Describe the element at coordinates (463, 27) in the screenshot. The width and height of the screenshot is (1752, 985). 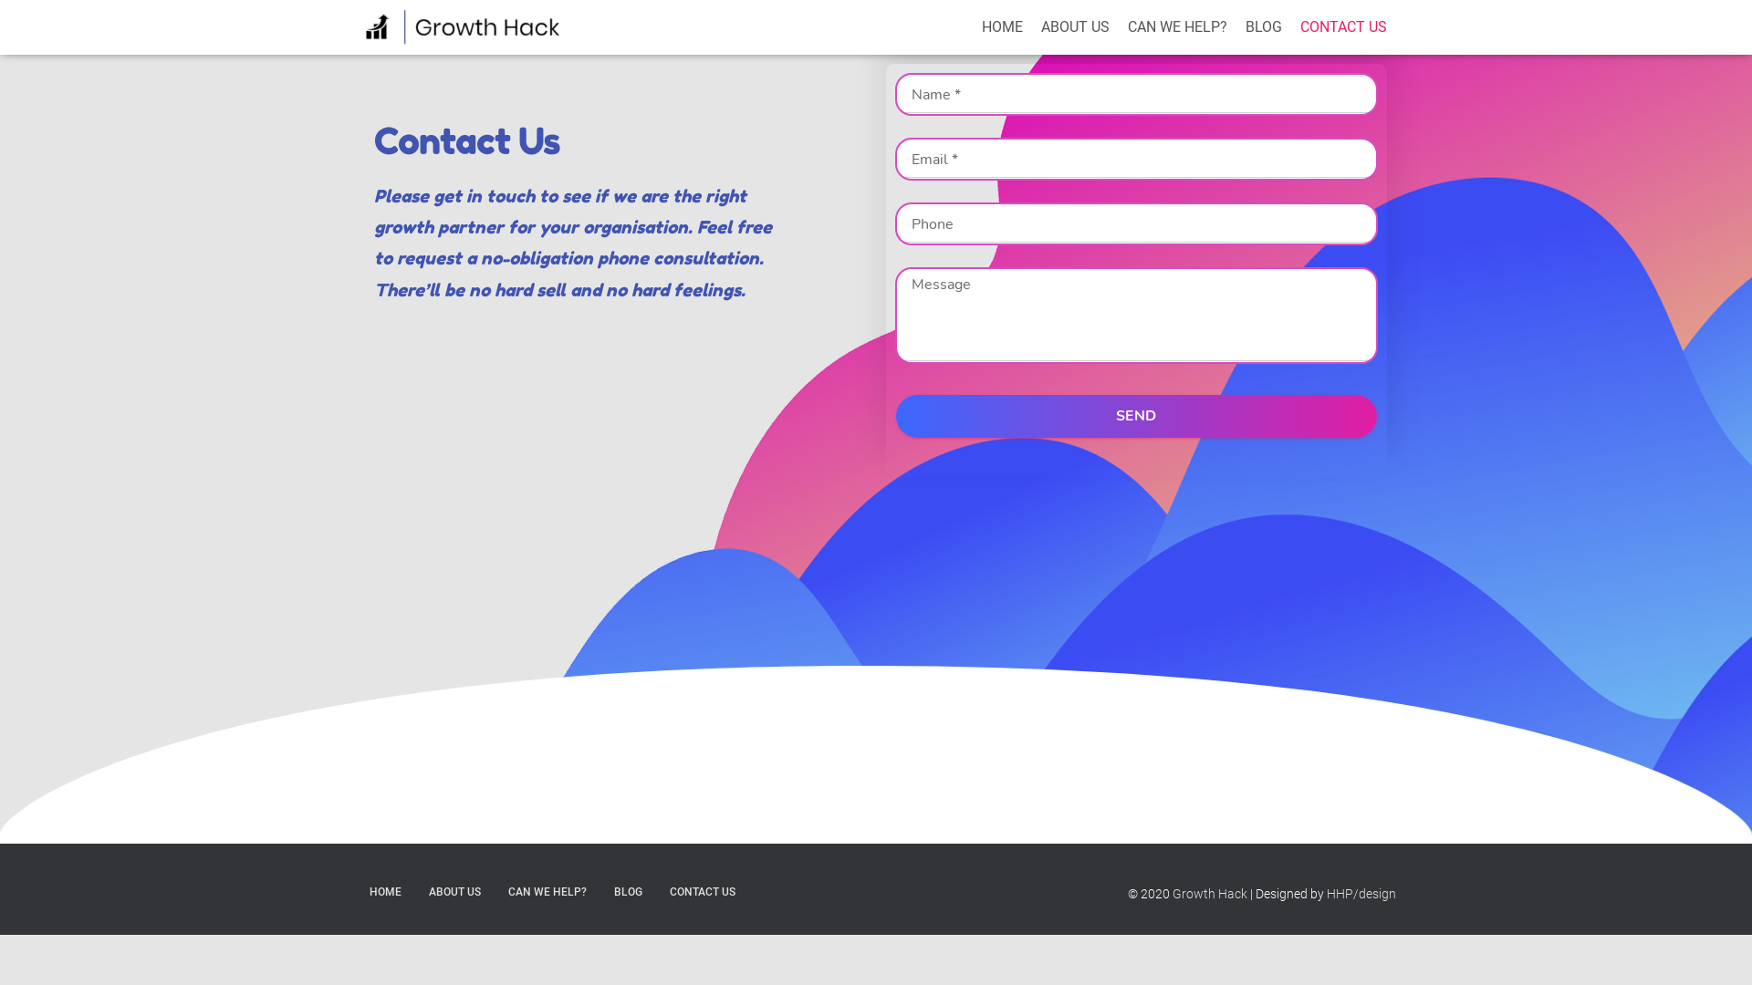
I see `'Growth Hack'` at that location.